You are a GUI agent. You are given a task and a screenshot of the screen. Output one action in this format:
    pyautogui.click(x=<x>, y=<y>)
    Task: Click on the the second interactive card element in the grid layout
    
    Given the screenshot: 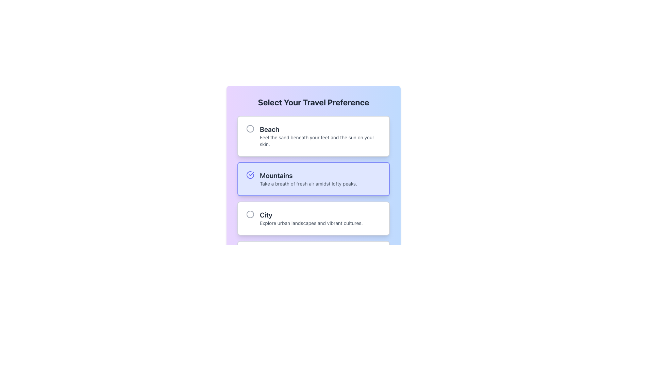 What is the action you would take?
    pyautogui.click(x=313, y=179)
    